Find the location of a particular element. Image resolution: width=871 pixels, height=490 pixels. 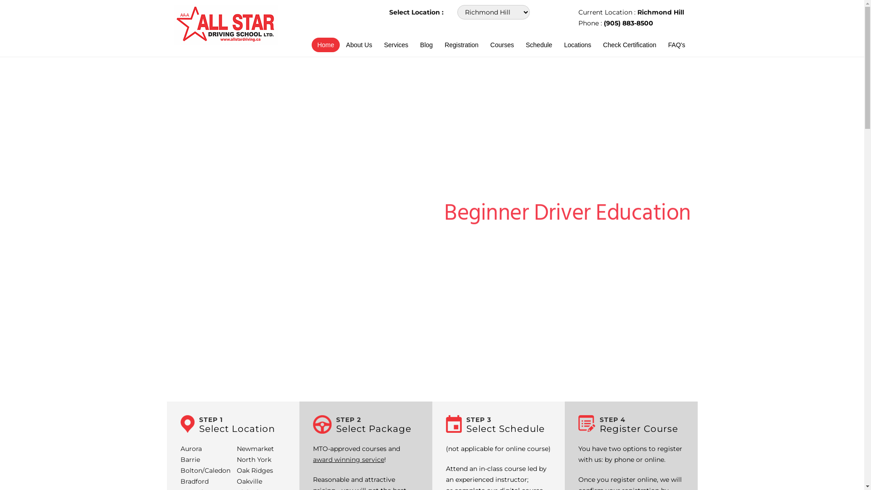

'Services' is located at coordinates (378, 45).